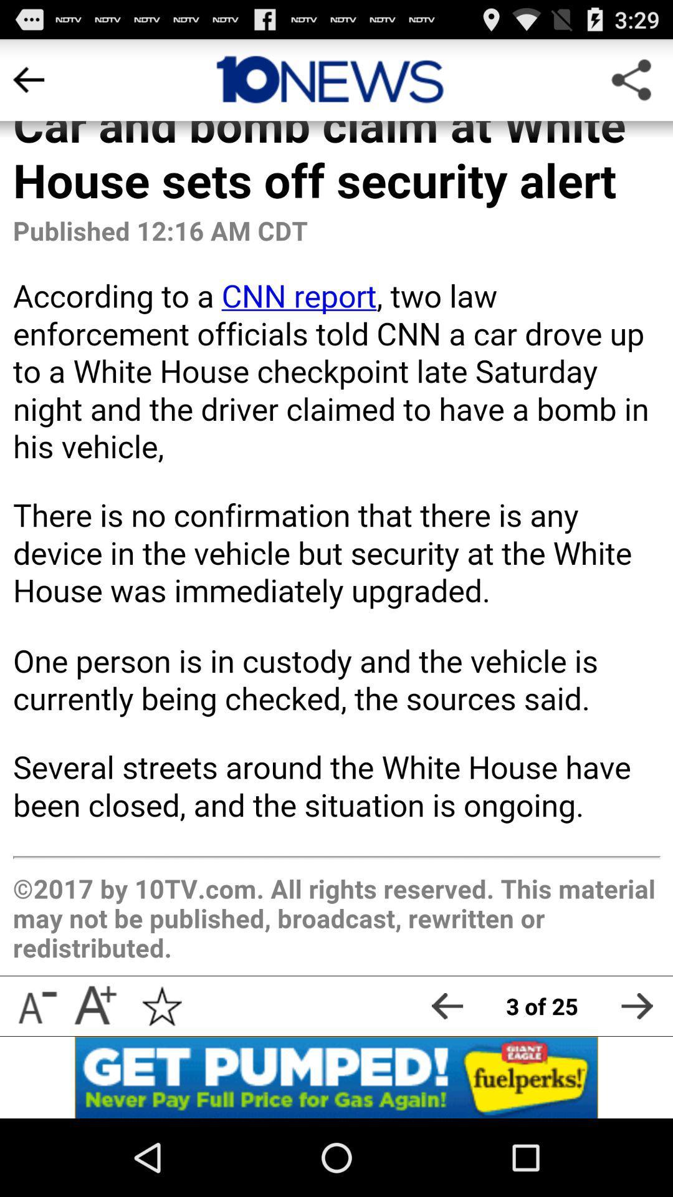 This screenshot has height=1197, width=673. What do you see at coordinates (336, 1077) in the screenshot?
I see `advertisement` at bounding box center [336, 1077].